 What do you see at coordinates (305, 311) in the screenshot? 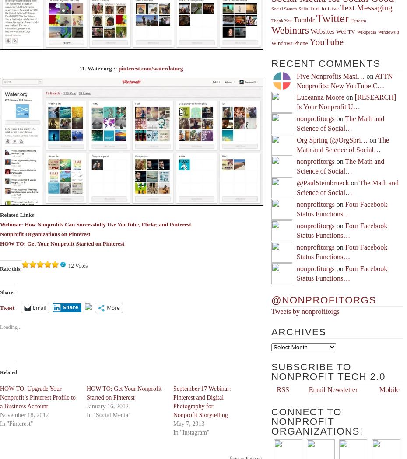
I see `'Tweets by nonprofitorgs'` at bounding box center [305, 311].